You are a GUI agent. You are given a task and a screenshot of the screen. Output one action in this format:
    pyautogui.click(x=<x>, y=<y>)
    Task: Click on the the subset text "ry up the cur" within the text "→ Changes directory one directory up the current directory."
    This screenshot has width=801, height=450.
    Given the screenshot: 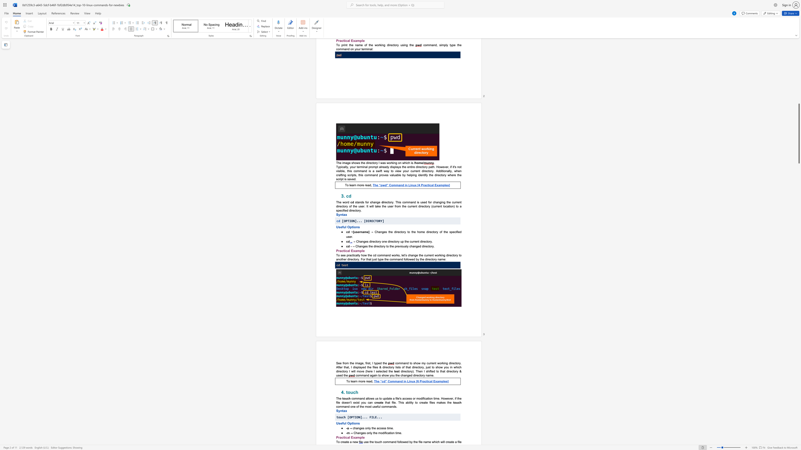 What is the action you would take?
    pyautogui.click(x=397, y=241)
    